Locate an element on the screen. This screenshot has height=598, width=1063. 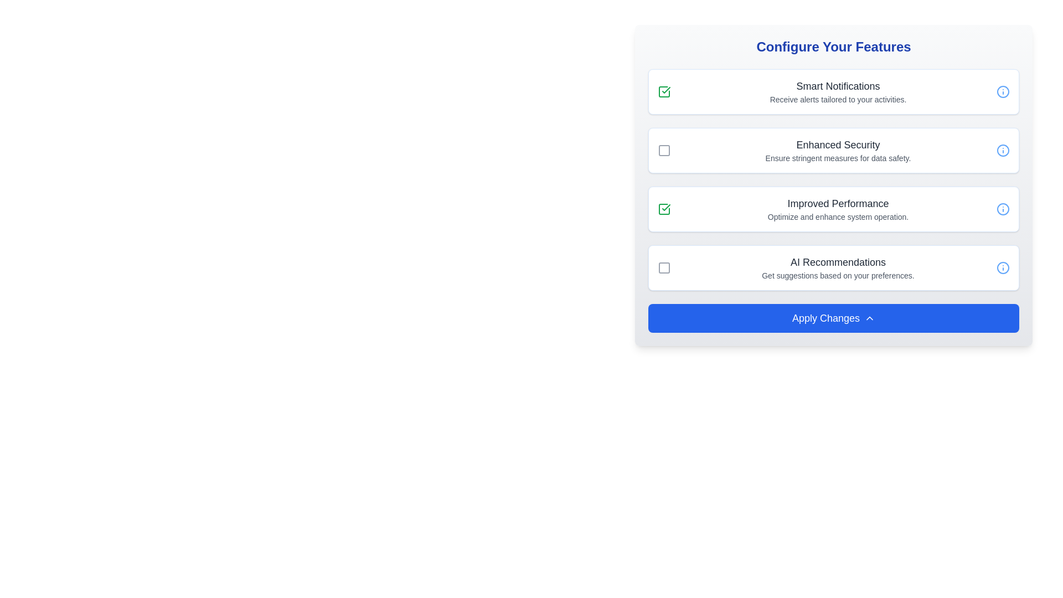
the green checkmark SVG icon within the checkbox component for the 'Improved Performance' option, which indicates a selected item is located at coordinates (665, 207).